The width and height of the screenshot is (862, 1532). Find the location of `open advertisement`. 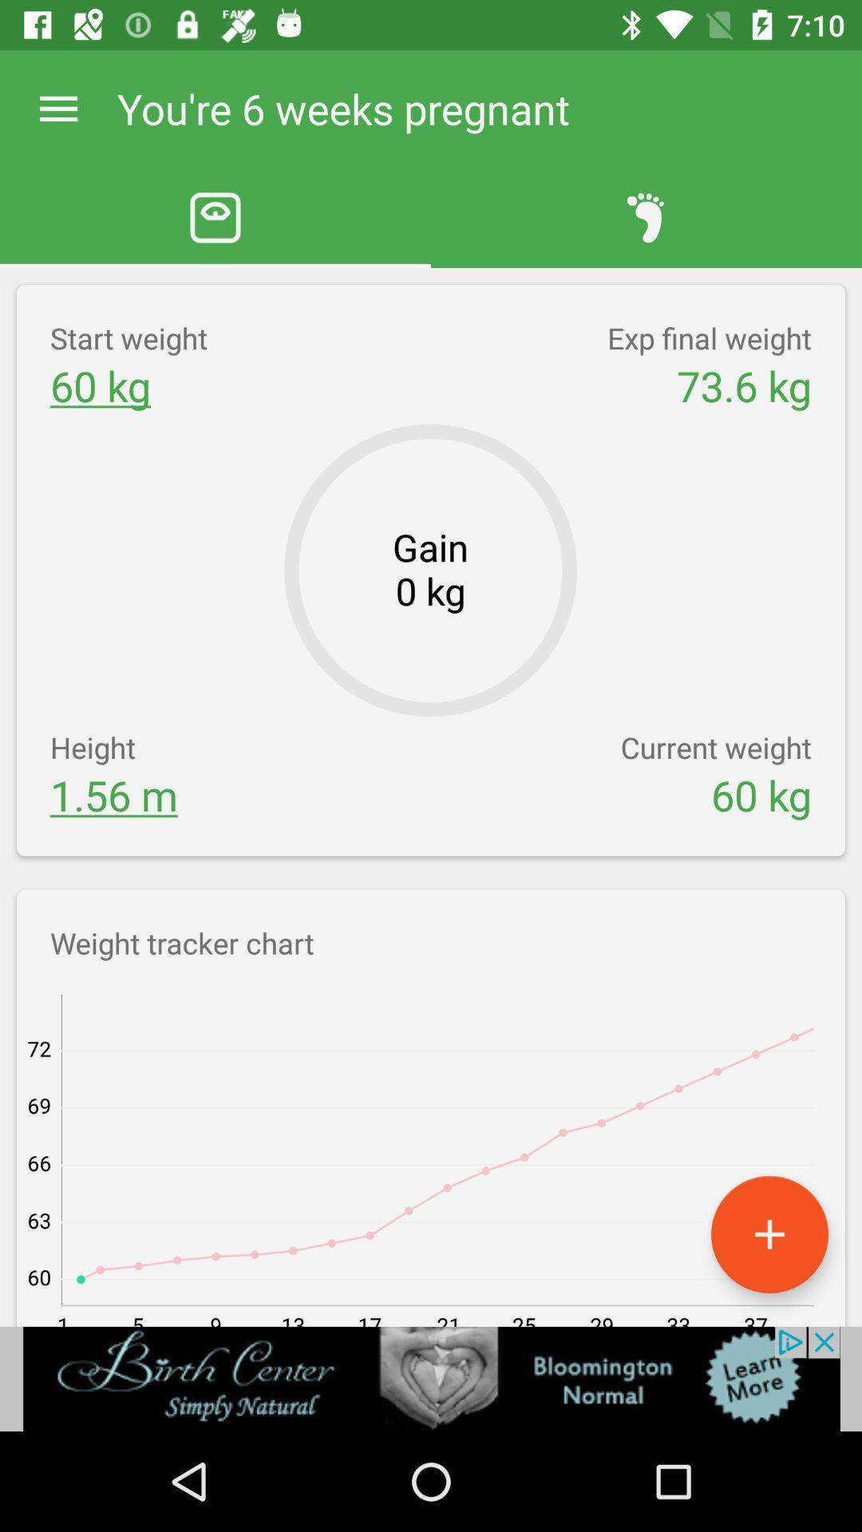

open advertisement is located at coordinates (431, 1378).